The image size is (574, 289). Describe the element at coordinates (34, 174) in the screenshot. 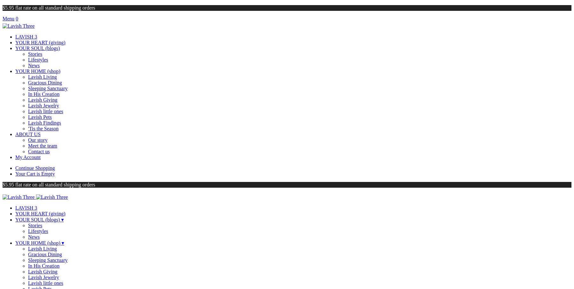

I see `'Your Cart is Empty'` at that location.